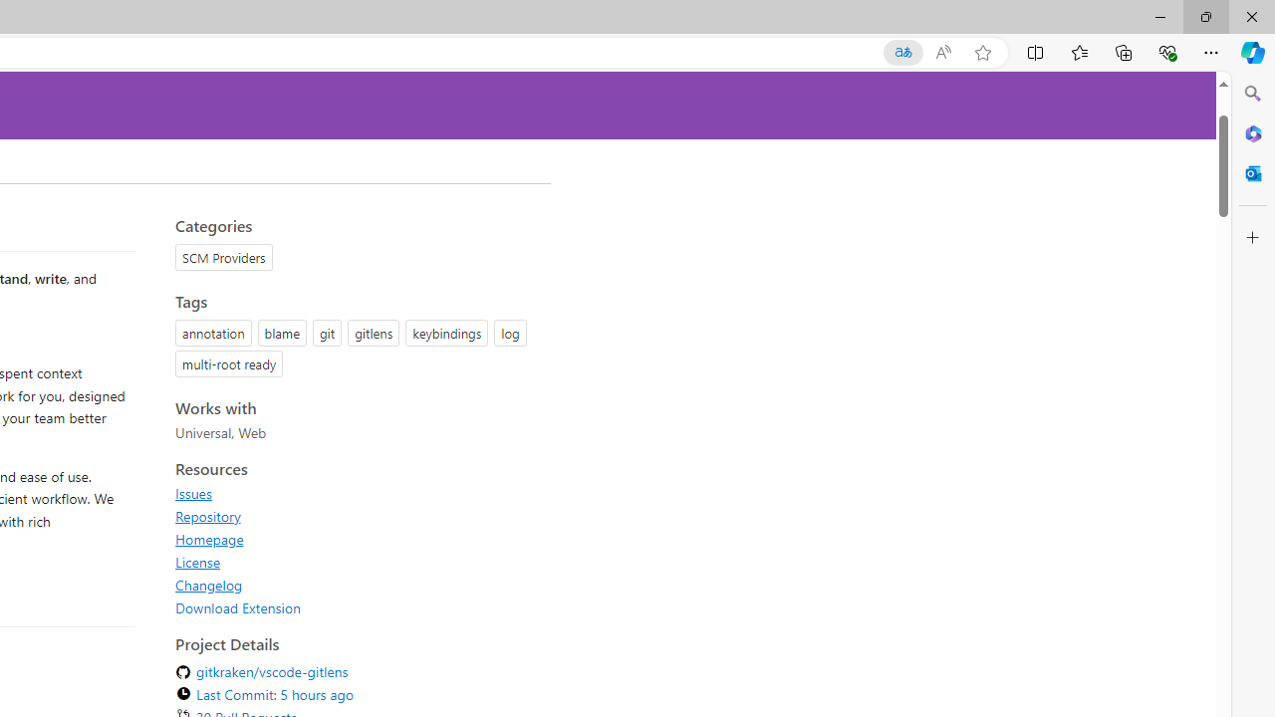  Describe the element at coordinates (1252, 51) in the screenshot. I see `'Copilot (Ctrl+Shift+.)'` at that location.